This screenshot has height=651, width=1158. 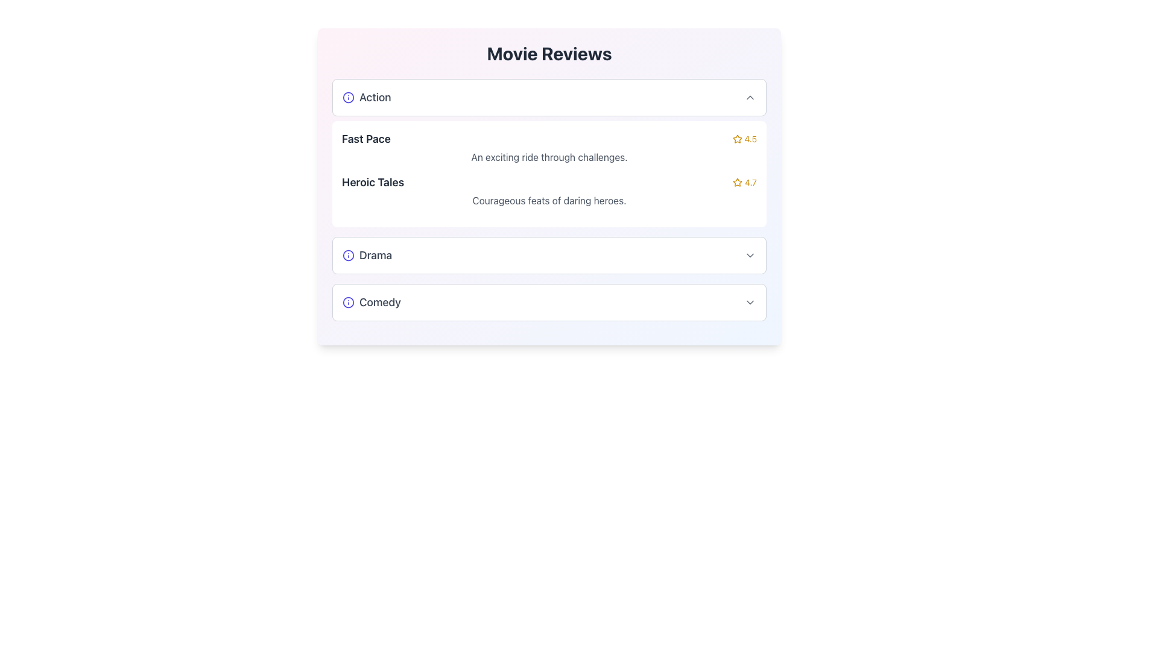 What do you see at coordinates (749, 97) in the screenshot?
I see `the chevron icon oriented upwards located in the upper-right corner of the 'Action' section` at bounding box center [749, 97].